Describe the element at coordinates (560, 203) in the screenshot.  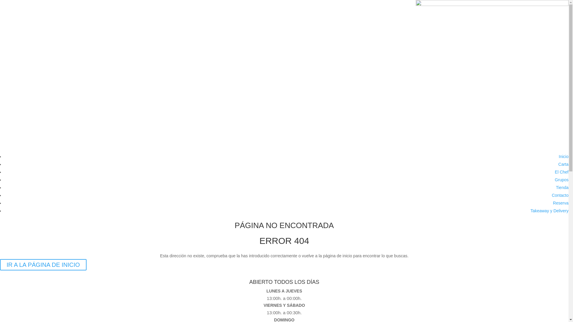
I see `'Reserva'` at that location.